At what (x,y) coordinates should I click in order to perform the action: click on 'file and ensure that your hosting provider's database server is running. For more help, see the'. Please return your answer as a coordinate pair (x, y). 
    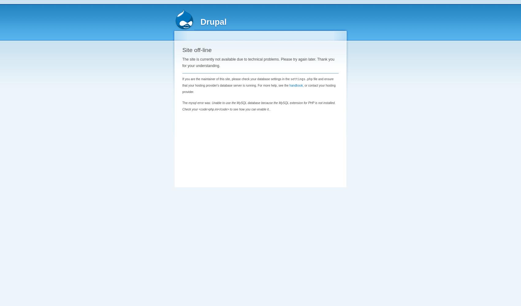
    Looking at the image, I should click on (257, 82).